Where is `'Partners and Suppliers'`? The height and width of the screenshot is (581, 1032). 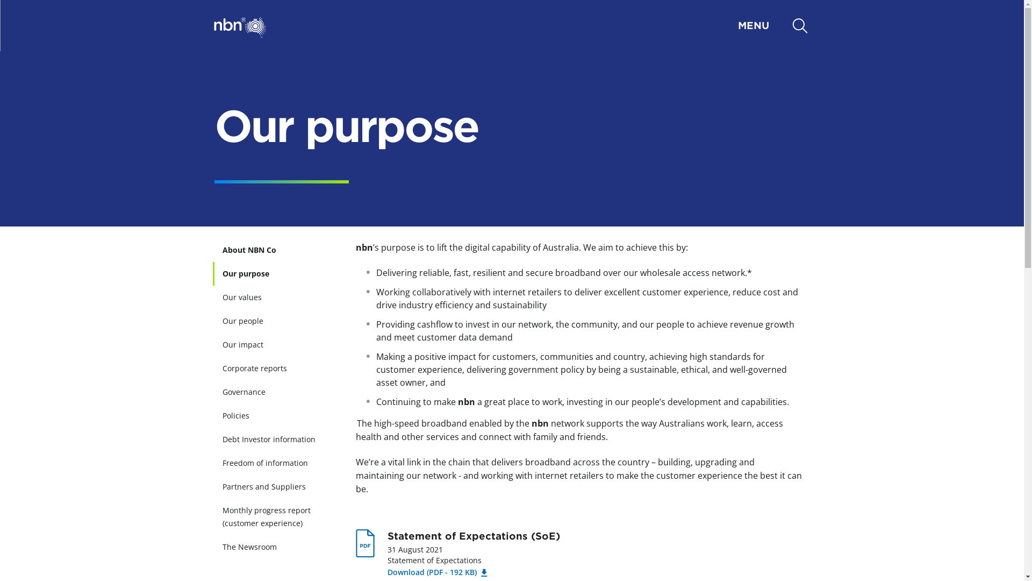
'Partners and Suppliers' is located at coordinates (275, 487).